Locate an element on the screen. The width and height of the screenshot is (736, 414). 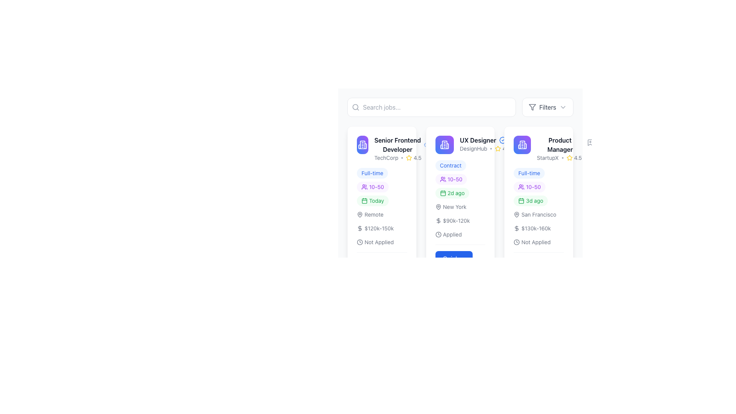
text label providing the title and company information for the job opportunity located at the top of the central job posting card is located at coordinates (460, 145).